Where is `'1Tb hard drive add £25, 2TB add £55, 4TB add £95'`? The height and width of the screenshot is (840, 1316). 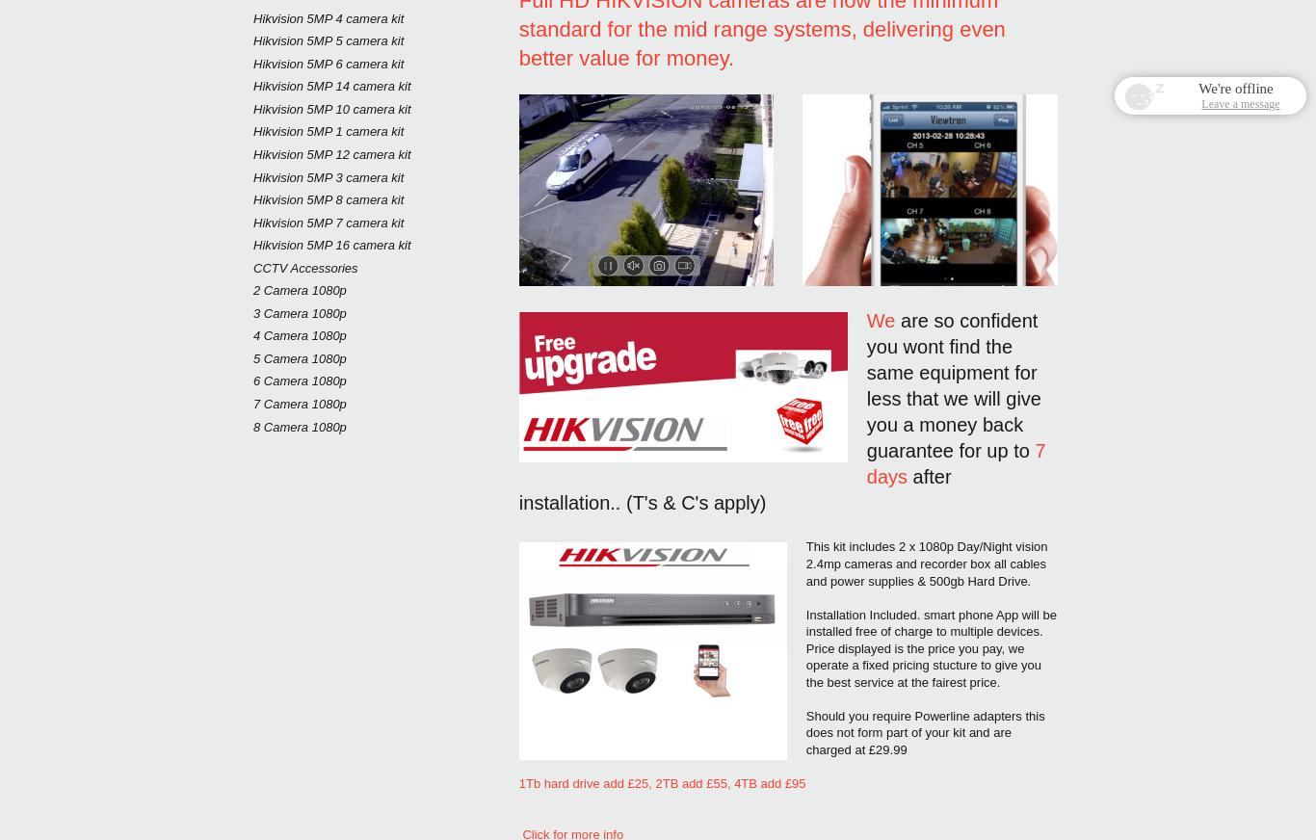 '1Tb hard drive add £25, 2TB add £55, 4TB add £95' is located at coordinates (664, 783).